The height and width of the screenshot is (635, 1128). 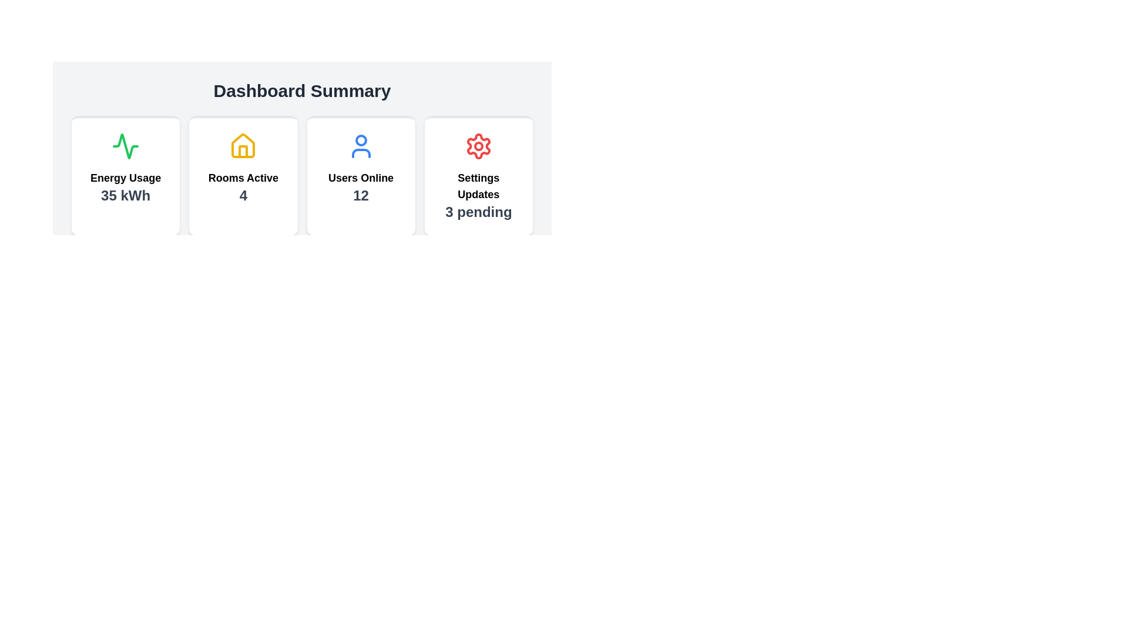 What do you see at coordinates (478, 146) in the screenshot?
I see `details of the SVG Circle Element that is part of the settings gear icon, located at the rightmost section of a dashboard card group` at bounding box center [478, 146].